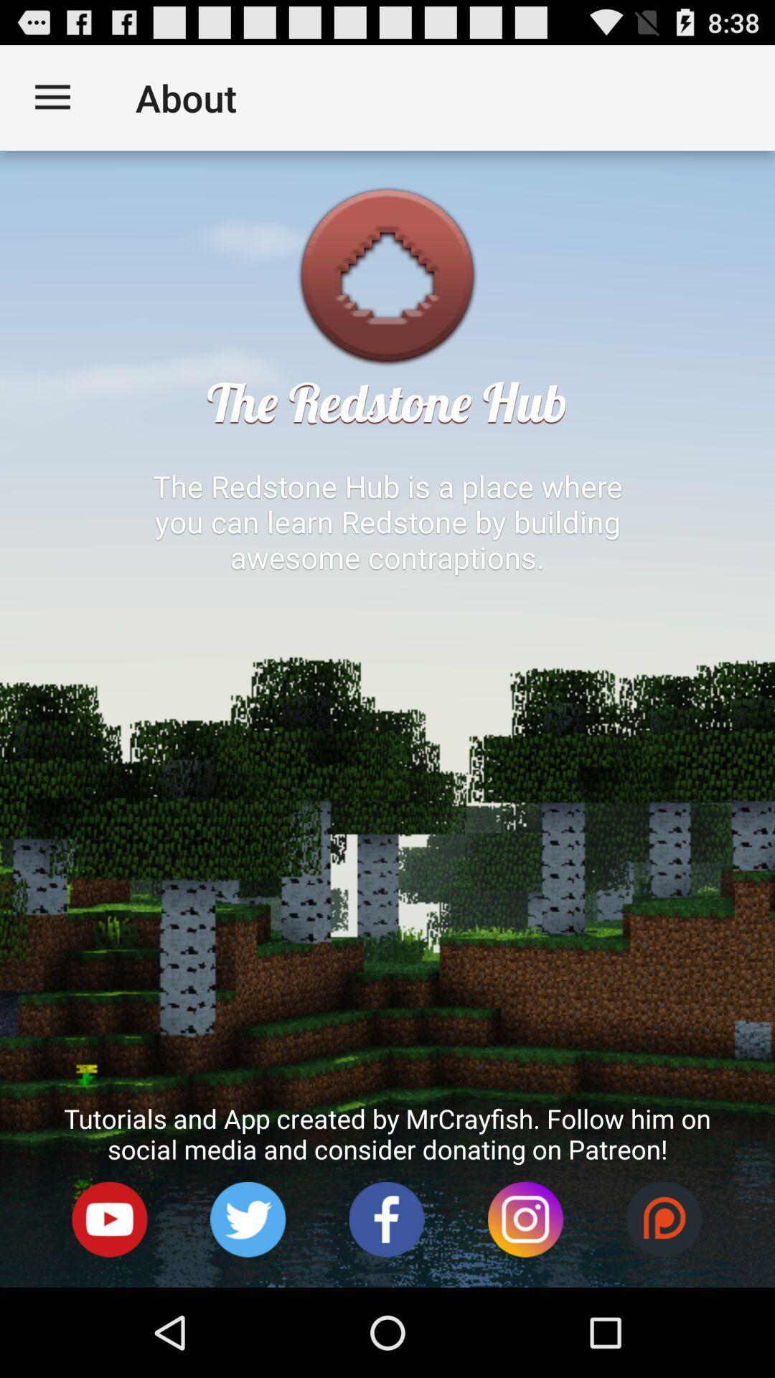 Image resolution: width=775 pixels, height=1378 pixels. What do you see at coordinates (109, 1219) in the screenshot?
I see `the item below tutorials and app` at bounding box center [109, 1219].